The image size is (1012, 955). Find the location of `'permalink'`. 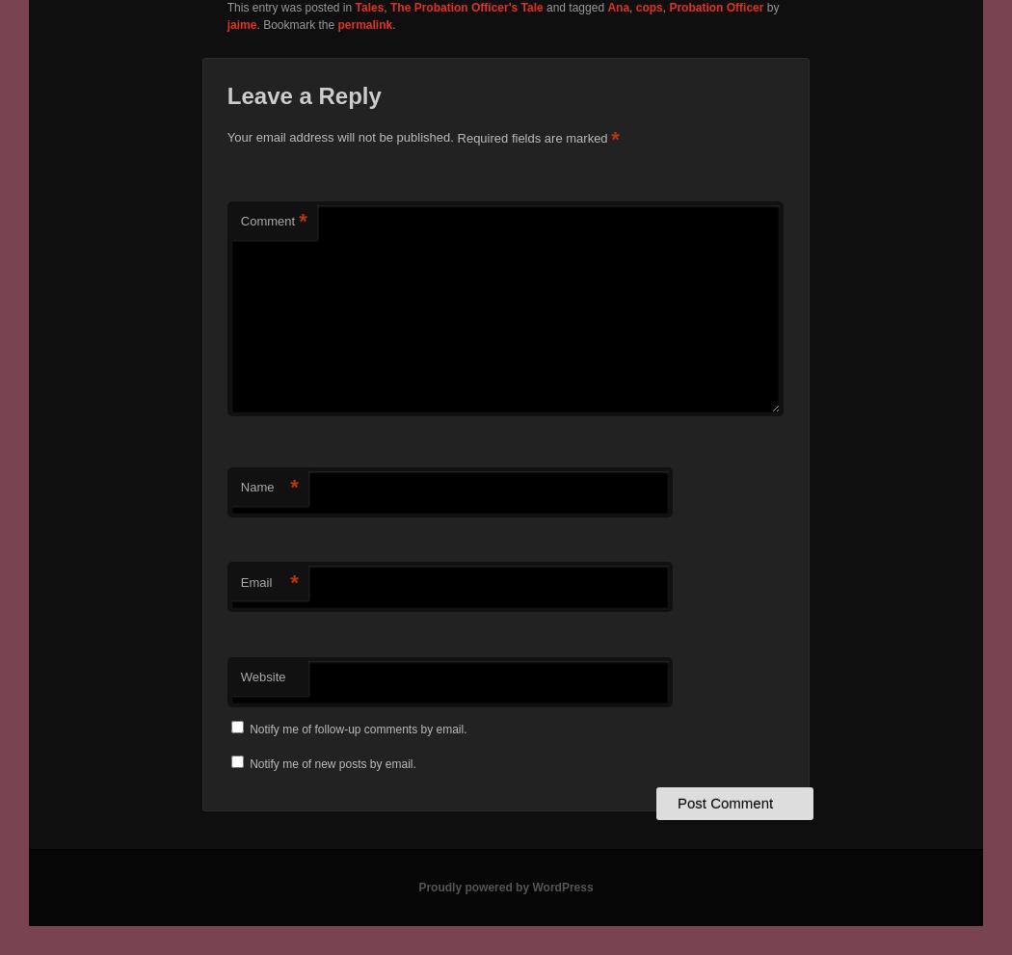

'permalink' is located at coordinates (335, 23).